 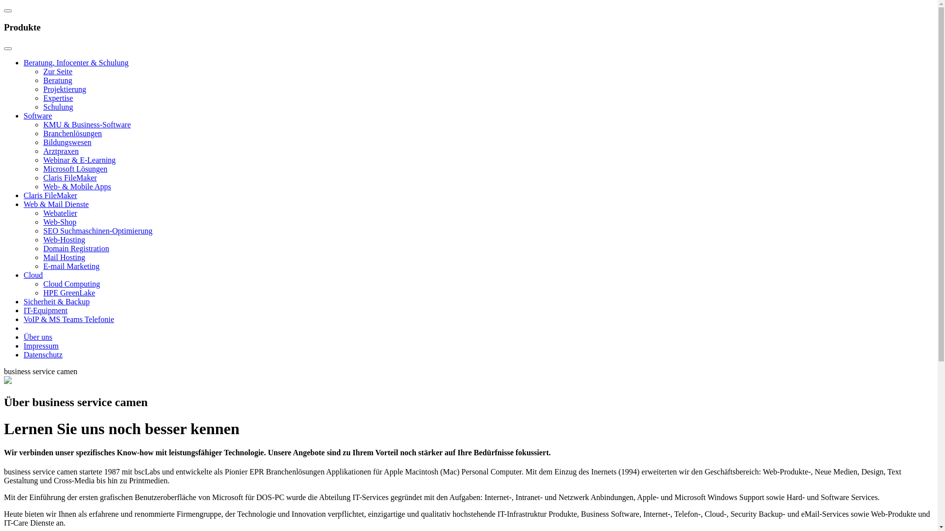 What do you see at coordinates (87, 124) in the screenshot?
I see `'KMU & Business-Software'` at bounding box center [87, 124].